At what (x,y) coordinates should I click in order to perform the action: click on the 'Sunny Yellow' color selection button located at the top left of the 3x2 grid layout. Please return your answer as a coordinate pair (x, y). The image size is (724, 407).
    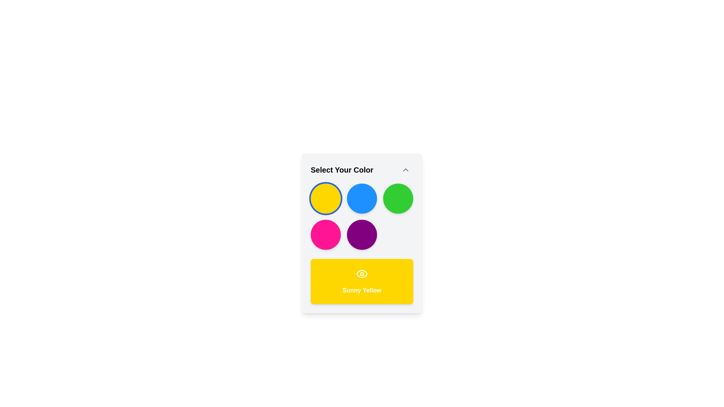
    Looking at the image, I should click on (326, 198).